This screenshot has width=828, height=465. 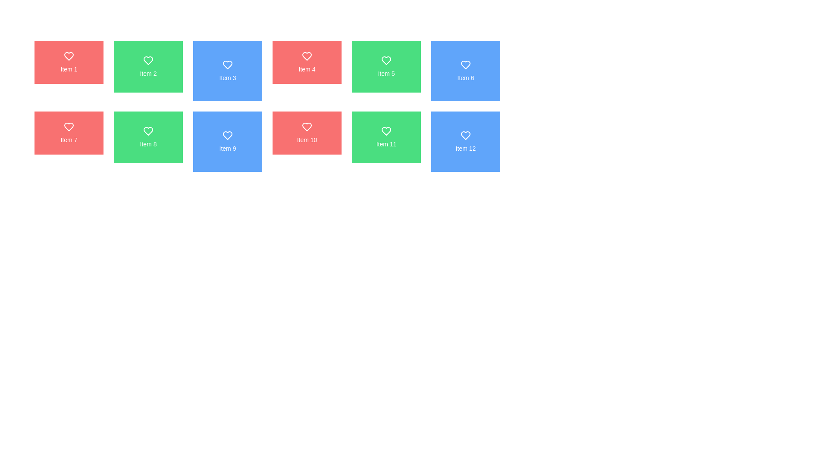 What do you see at coordinates (68, 127) in the screenshot?
I see `the heart-shaped icon` at bounding box center [68, 127].